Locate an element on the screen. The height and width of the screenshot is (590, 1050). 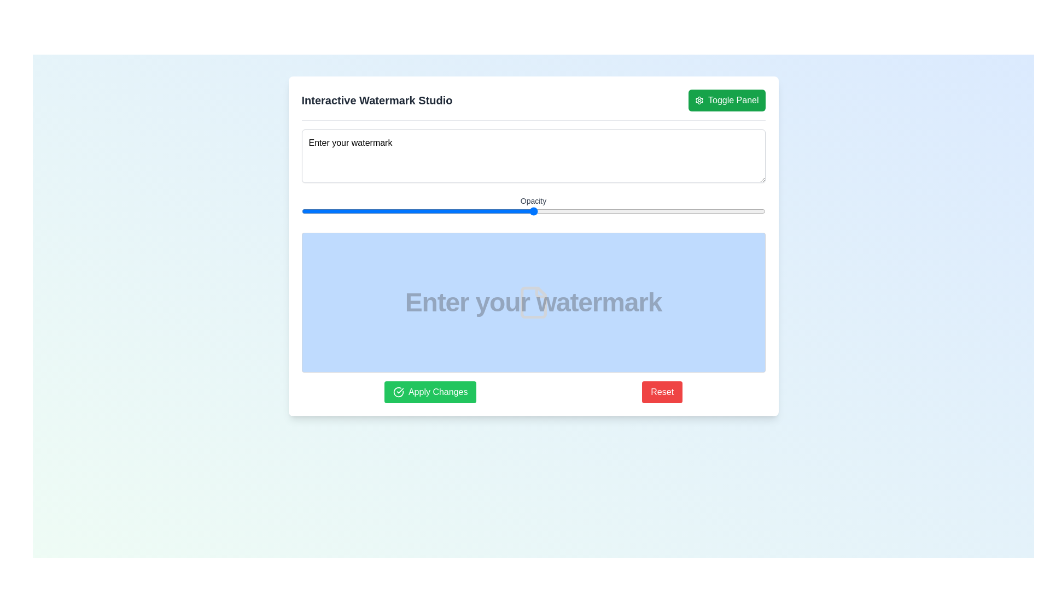
the file-representation SVG graphic icon located at the center of the blue rectangle labeled 'Enter your watermark' is located at coordinates (533, 303).